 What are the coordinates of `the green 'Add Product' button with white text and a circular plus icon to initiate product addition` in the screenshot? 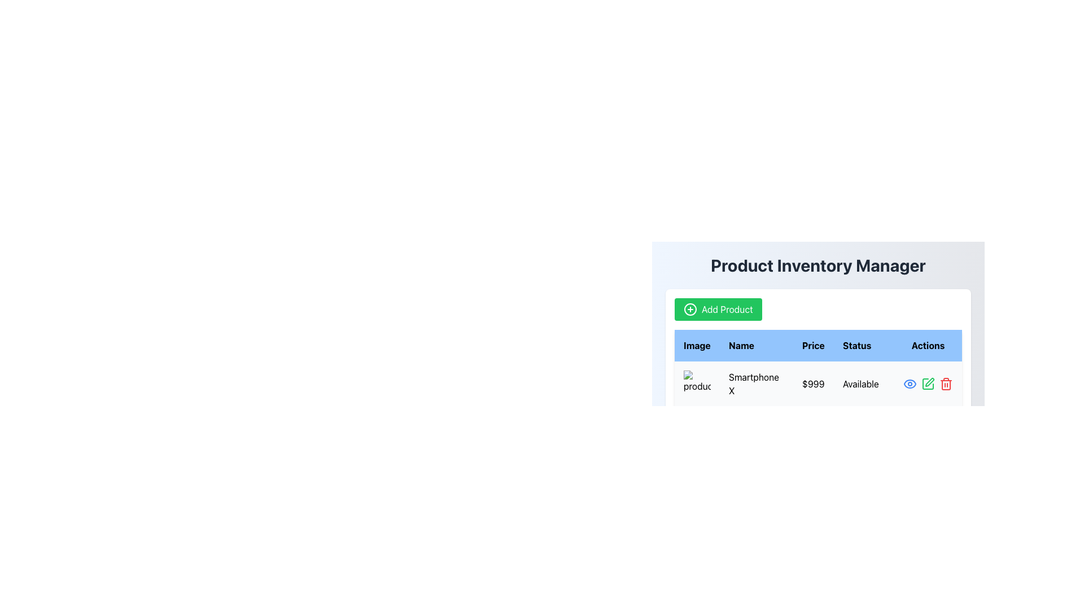 It's located at (718, 309).